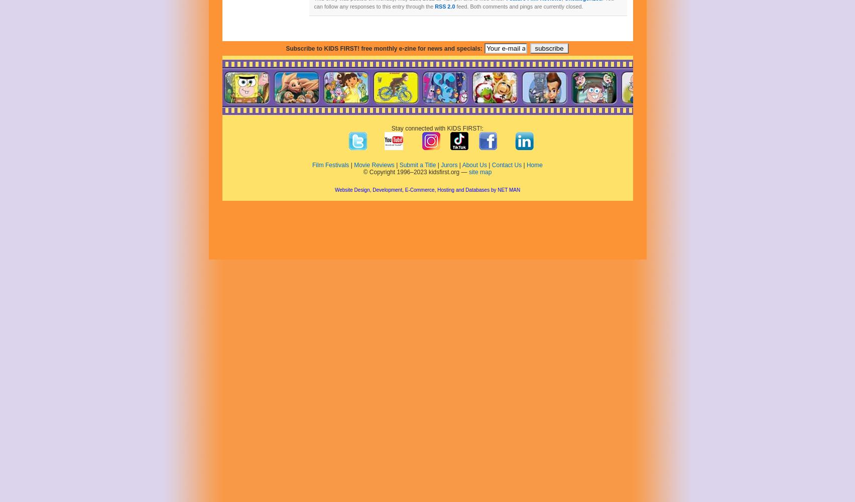  I want to click on 'March 2019', so click(253, 361).